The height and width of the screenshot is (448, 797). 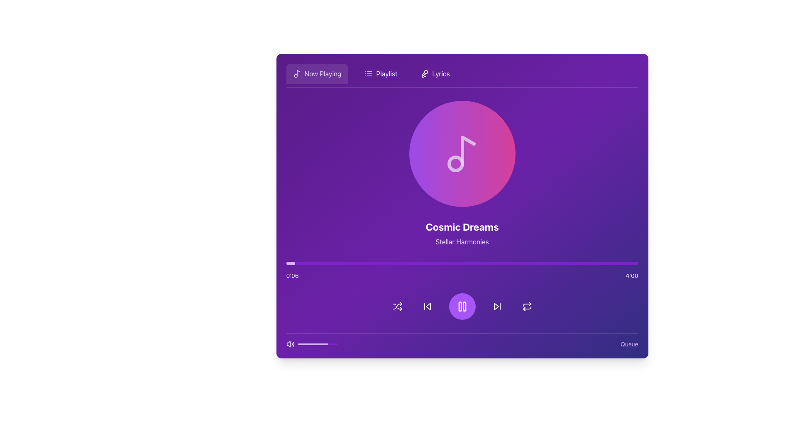 What do you see at coordinates (600, 263) in the screenshot?
I see `the playback position` at bounding box center [600, 263].